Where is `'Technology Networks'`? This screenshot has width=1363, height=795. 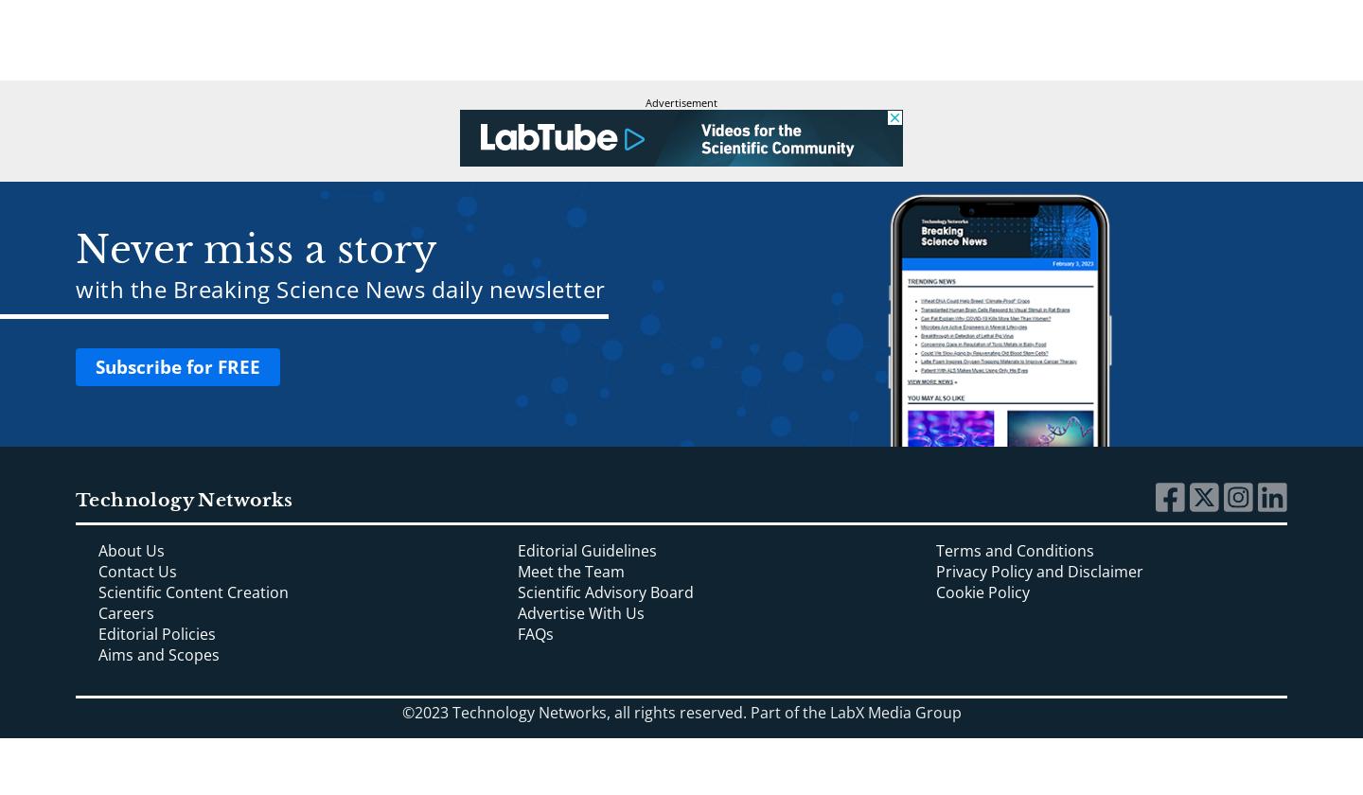
'Technology Networks' is located at coordinates (184, 499).